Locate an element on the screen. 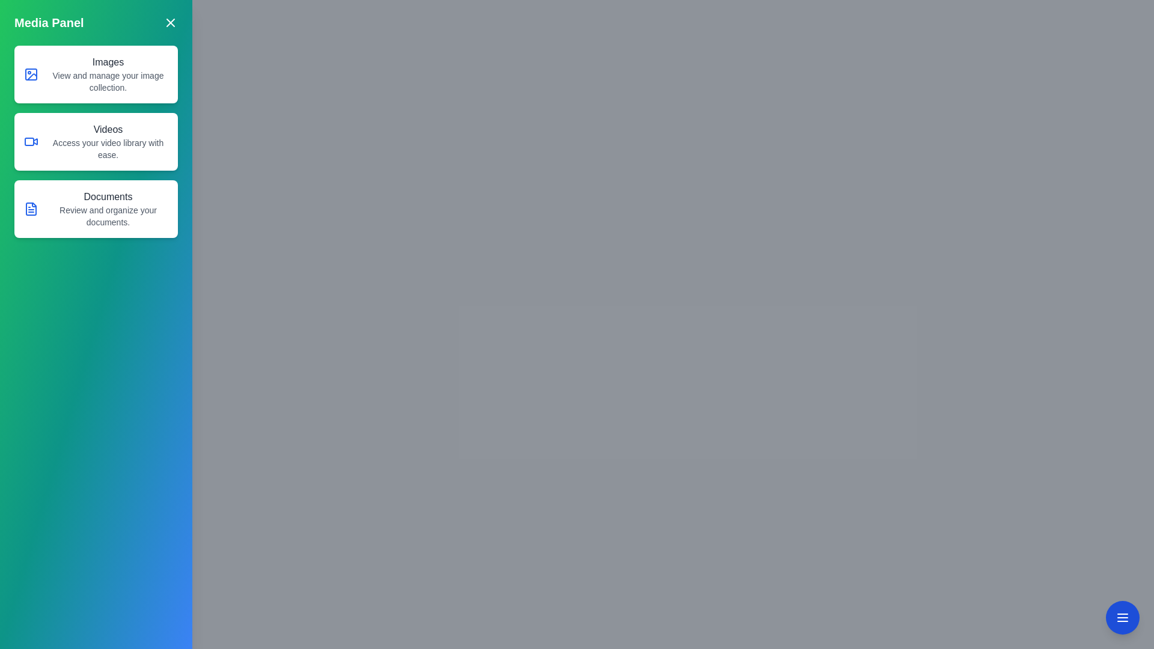  the close button icon, which is a small square with a white 'X' mark on a turquoise background, located at the top-right corner of the 'Media Panel' is located at coordinates (169, 23).